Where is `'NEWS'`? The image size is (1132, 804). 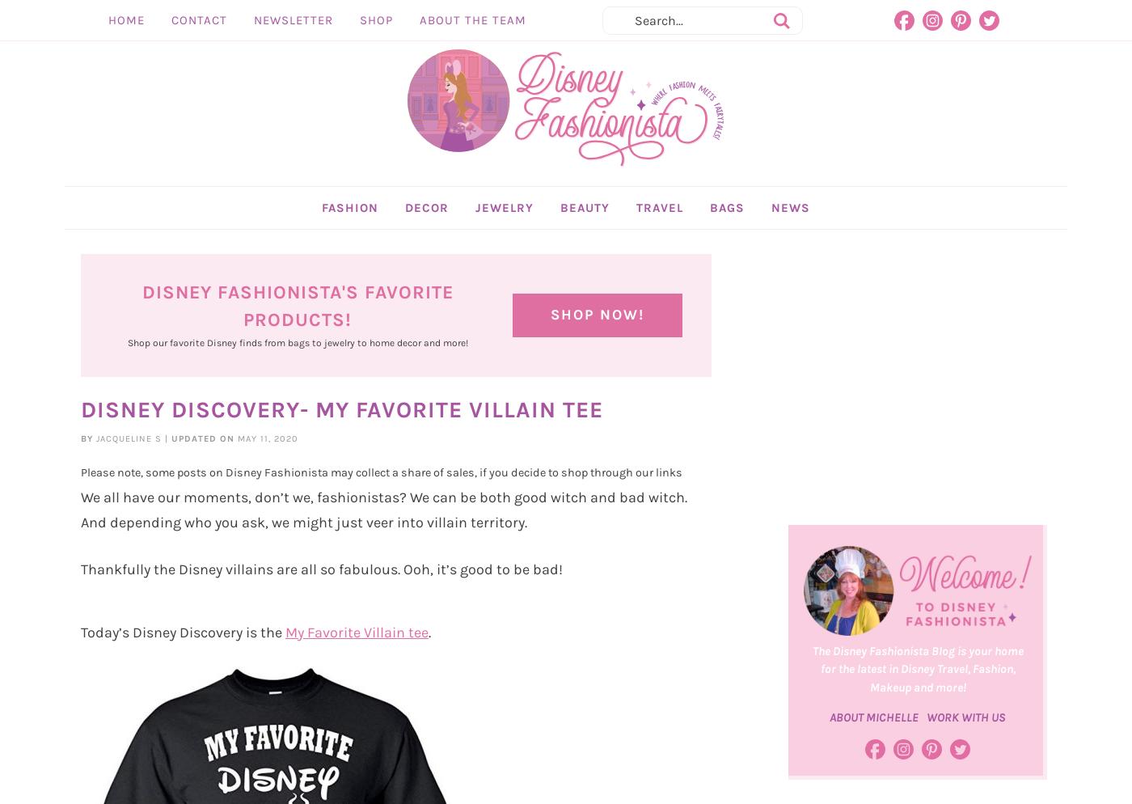
'NEWS' is located at coordinates (771, 243).